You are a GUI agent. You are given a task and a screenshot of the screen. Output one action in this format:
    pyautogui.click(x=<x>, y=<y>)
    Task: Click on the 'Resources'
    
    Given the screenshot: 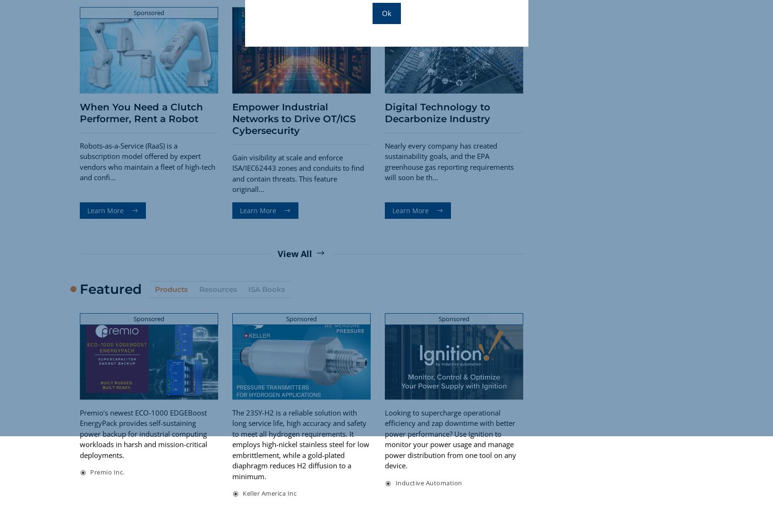 What is the action you would take?
    pyautogui.click(x=217, y=288)
    